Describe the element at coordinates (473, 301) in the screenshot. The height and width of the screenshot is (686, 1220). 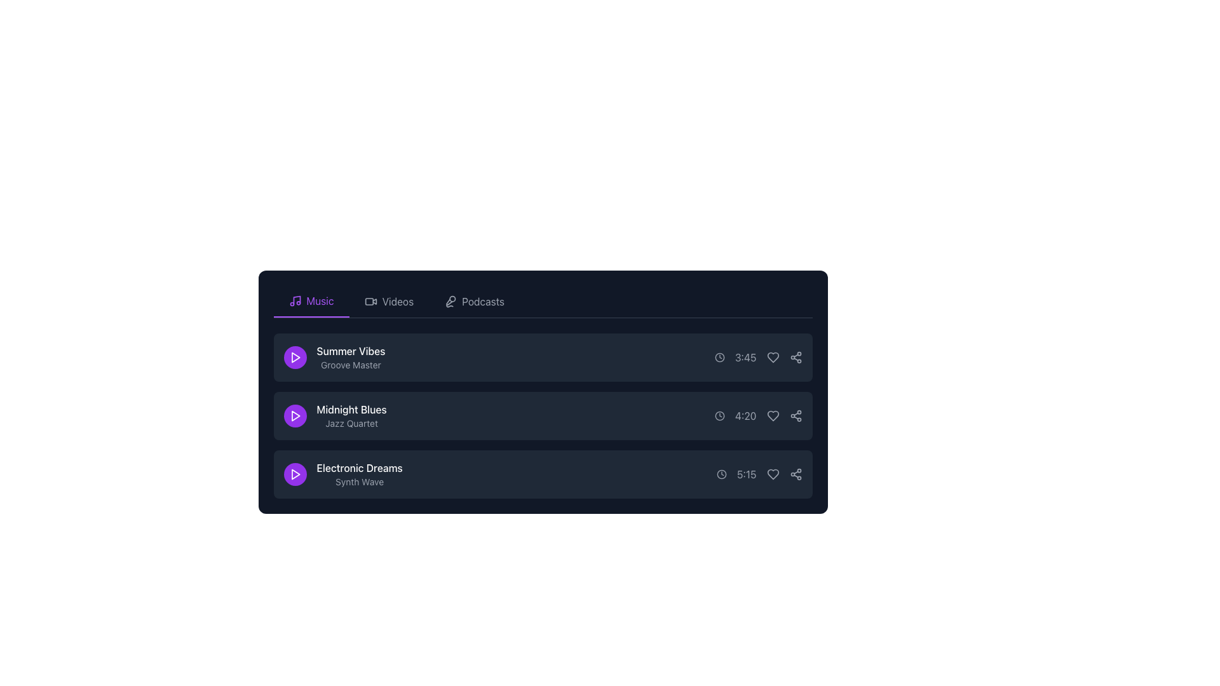
I see `the 'Podcasts' navigation button in the horizontal toolbar` at that location.